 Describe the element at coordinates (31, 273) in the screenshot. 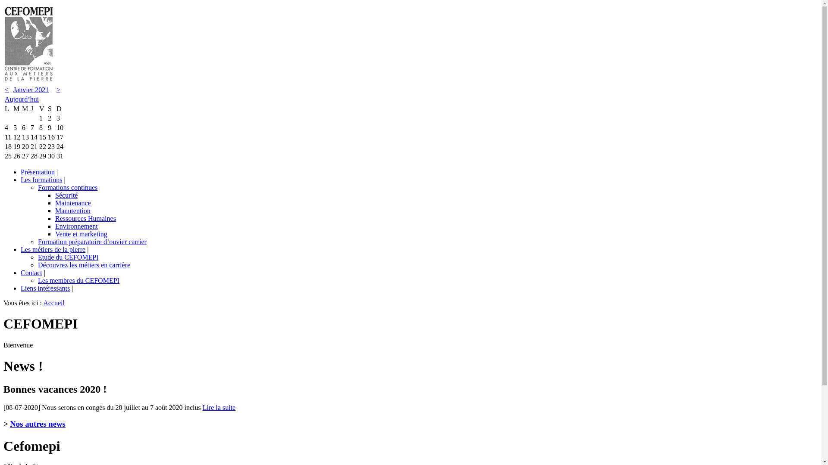

I see `'Contact'` at that location.